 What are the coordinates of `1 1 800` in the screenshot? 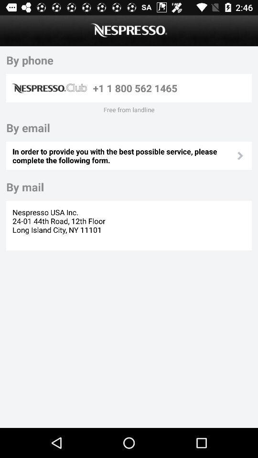 It's located at (170, 88).